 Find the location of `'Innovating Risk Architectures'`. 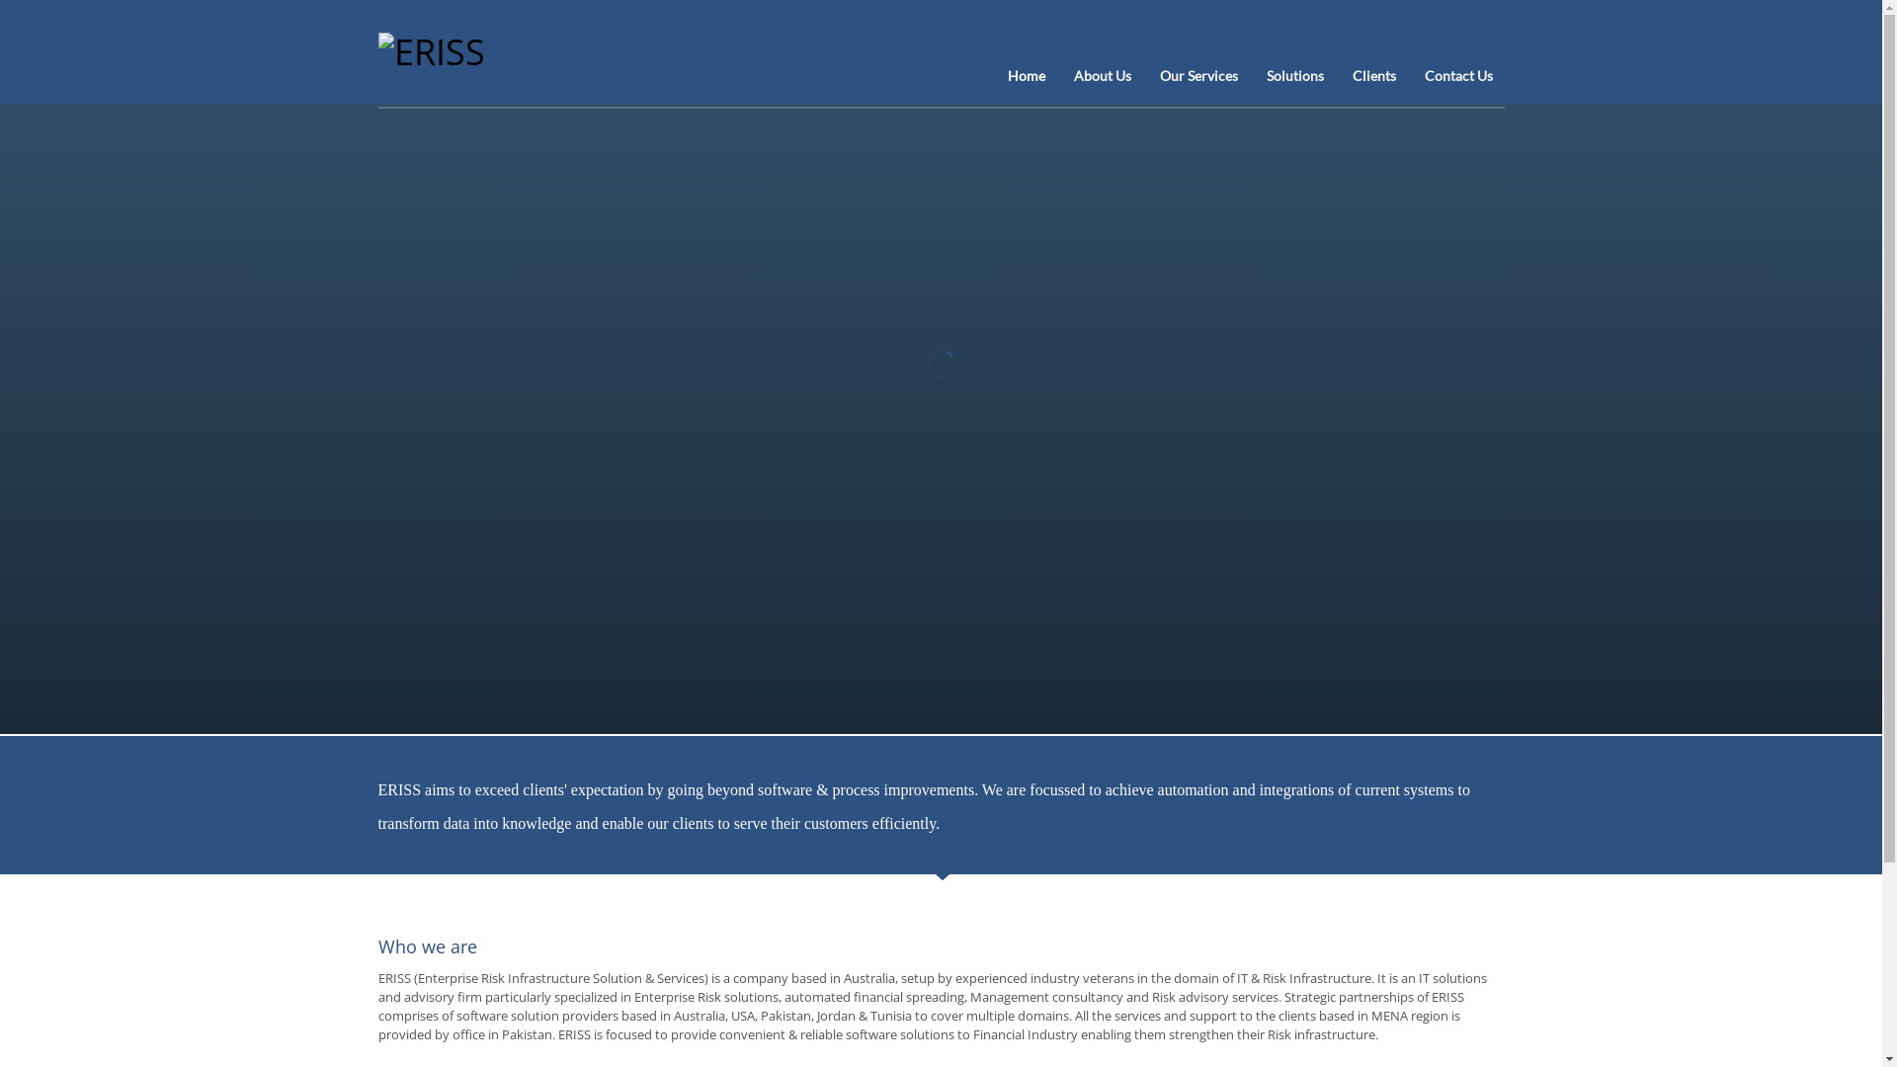

'Innovating Risk Architectures' is located at coordinates (430, 49).